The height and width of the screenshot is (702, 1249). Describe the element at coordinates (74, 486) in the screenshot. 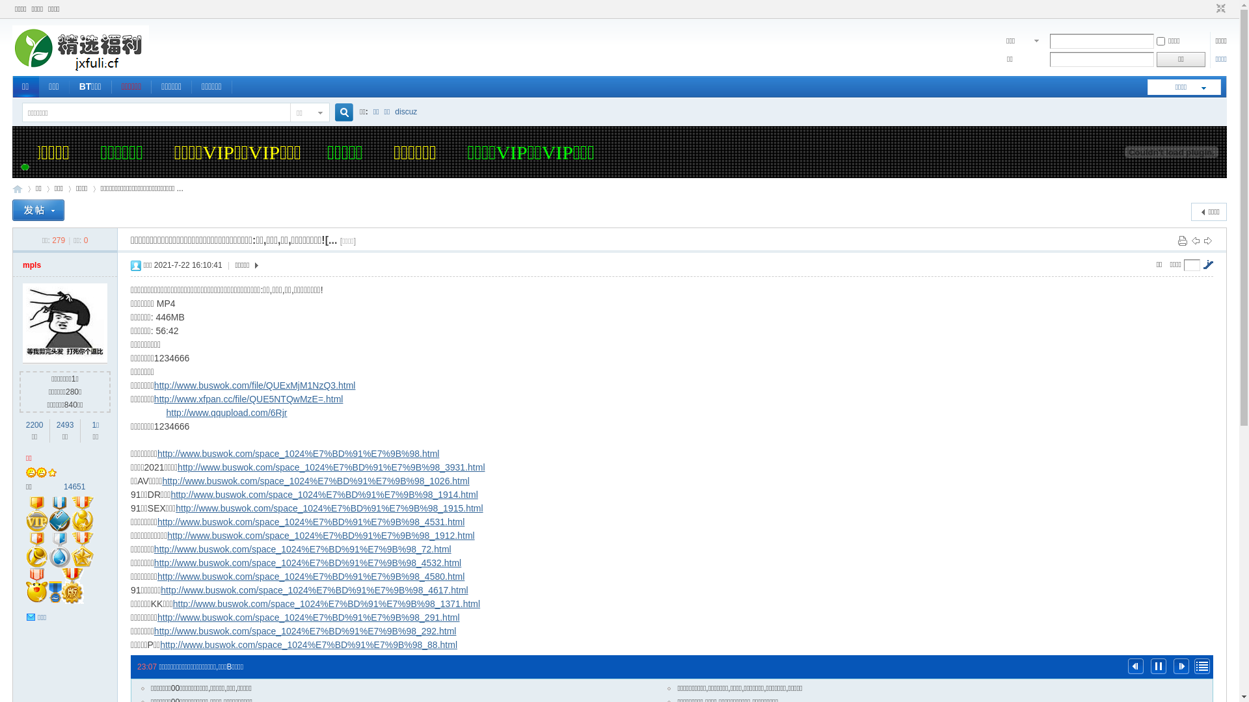

I see `'14651'` at that location.